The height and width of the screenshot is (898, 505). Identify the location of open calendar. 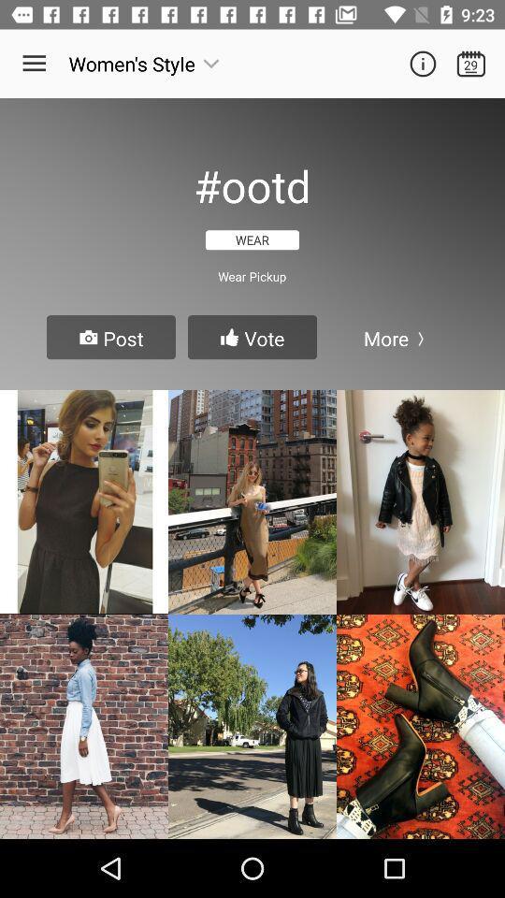
(469, 64).